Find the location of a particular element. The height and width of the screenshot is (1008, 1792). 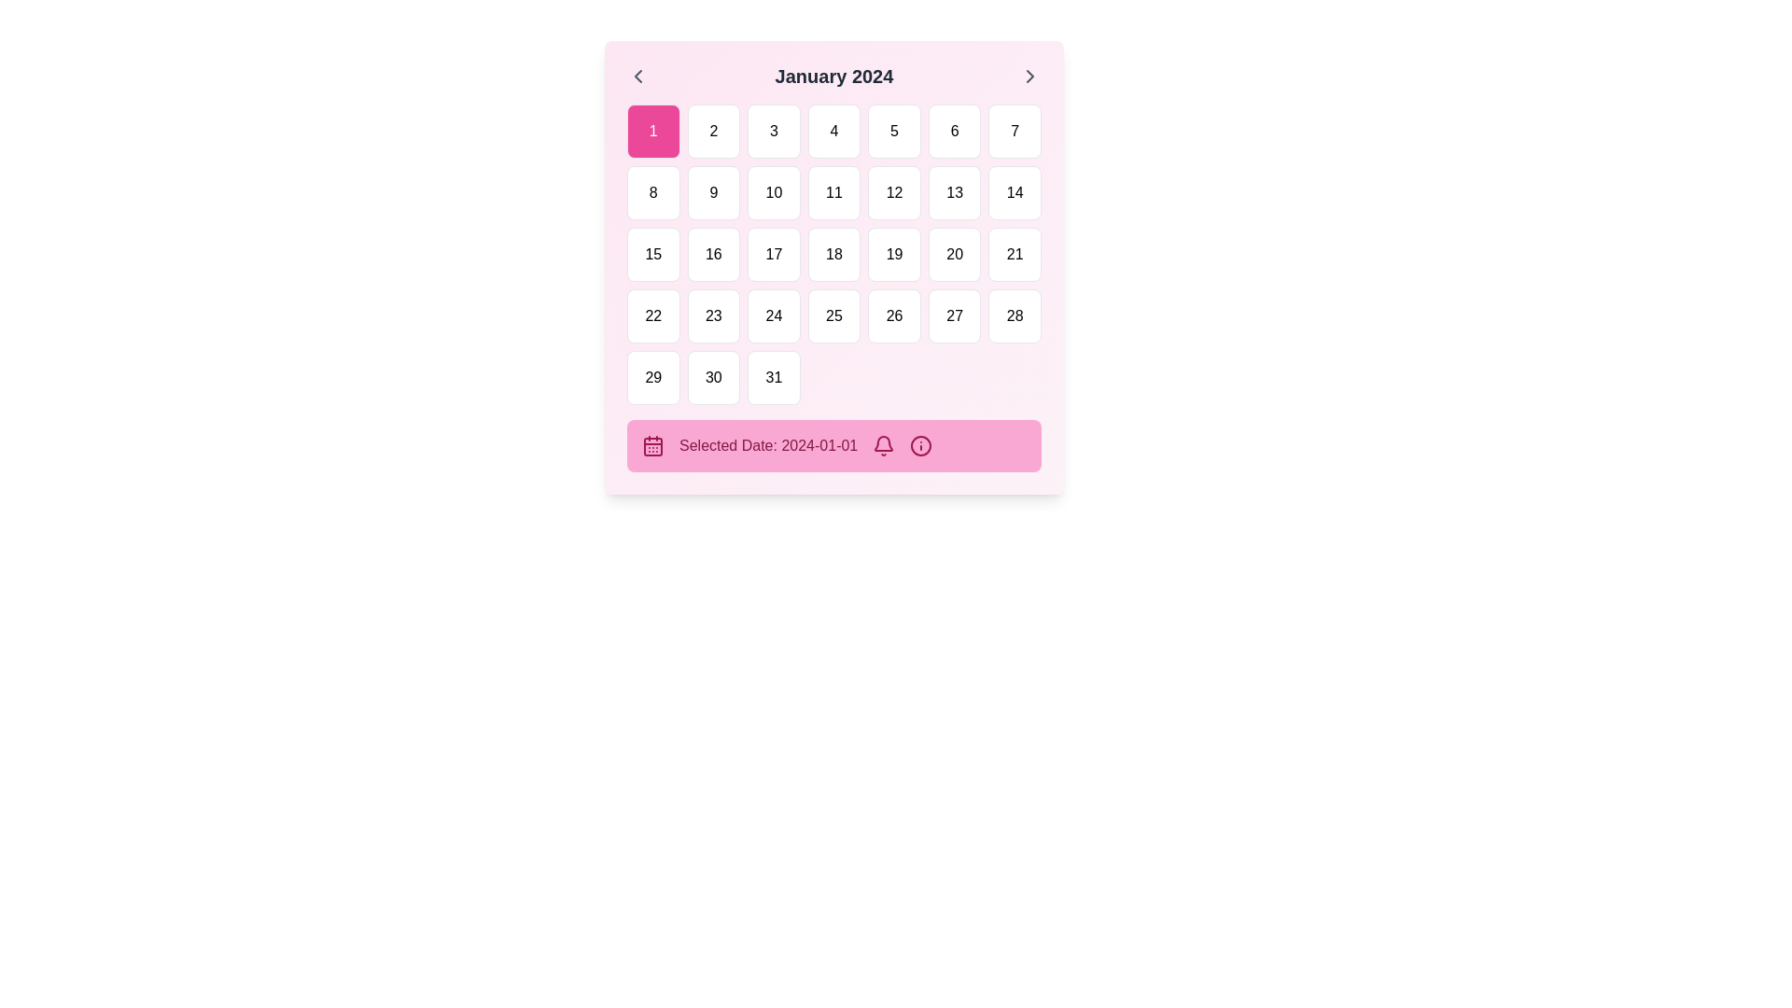

the calendar button representing day 28 for keyboard navigation is located at coordinates (1014, 315).